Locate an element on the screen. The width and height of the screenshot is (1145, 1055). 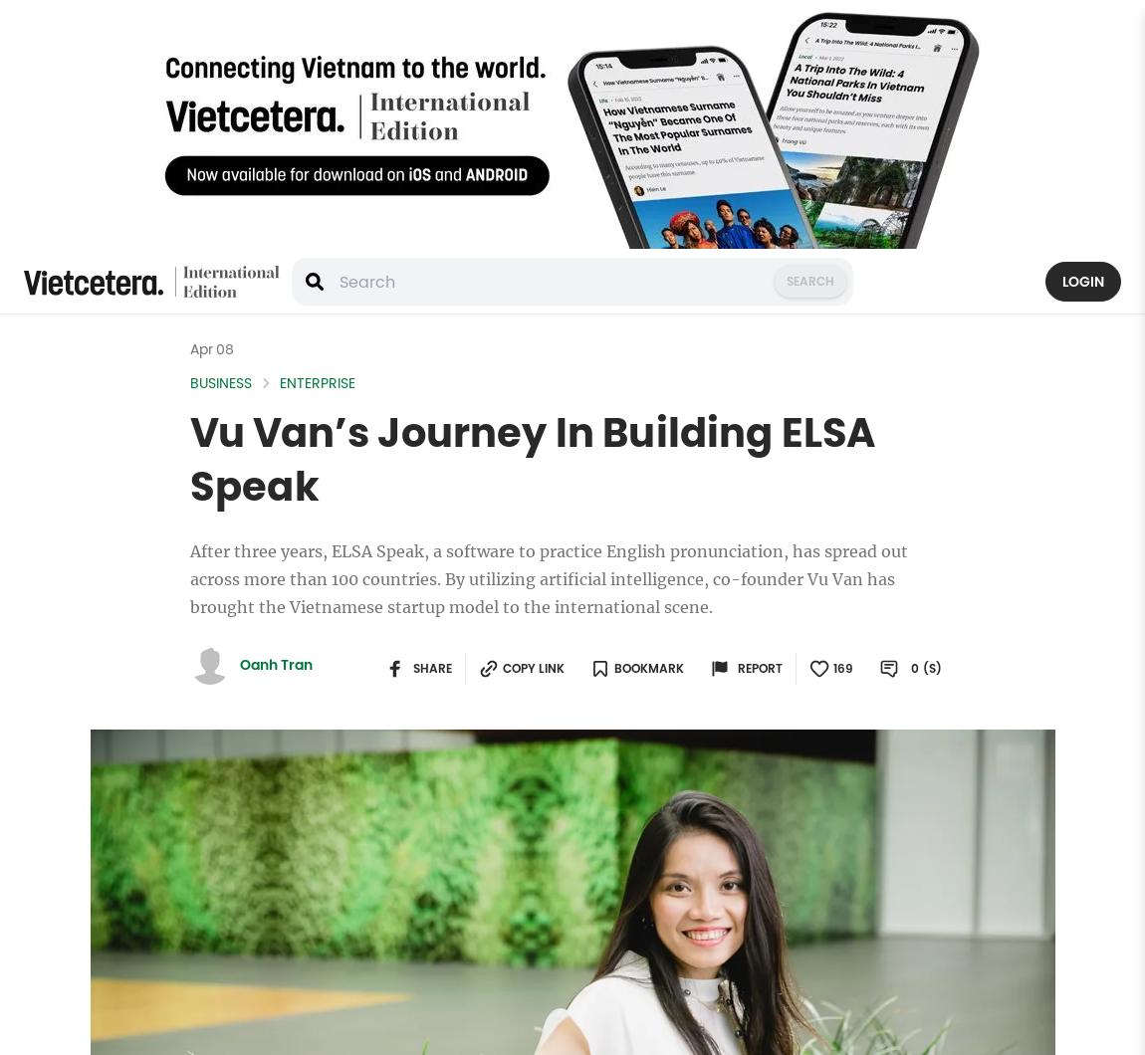
'Copy link' is located at coordinates (534, 668).